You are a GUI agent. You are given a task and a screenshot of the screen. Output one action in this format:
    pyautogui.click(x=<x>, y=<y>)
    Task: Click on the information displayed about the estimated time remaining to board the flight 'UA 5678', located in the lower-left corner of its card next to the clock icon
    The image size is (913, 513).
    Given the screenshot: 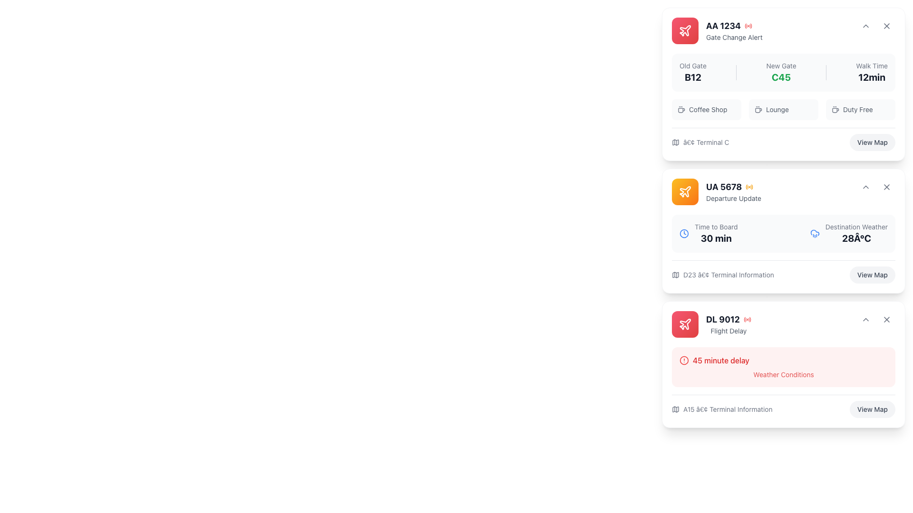 What is the action you would take?
    pyautogui.click(x=716, y=234)
    